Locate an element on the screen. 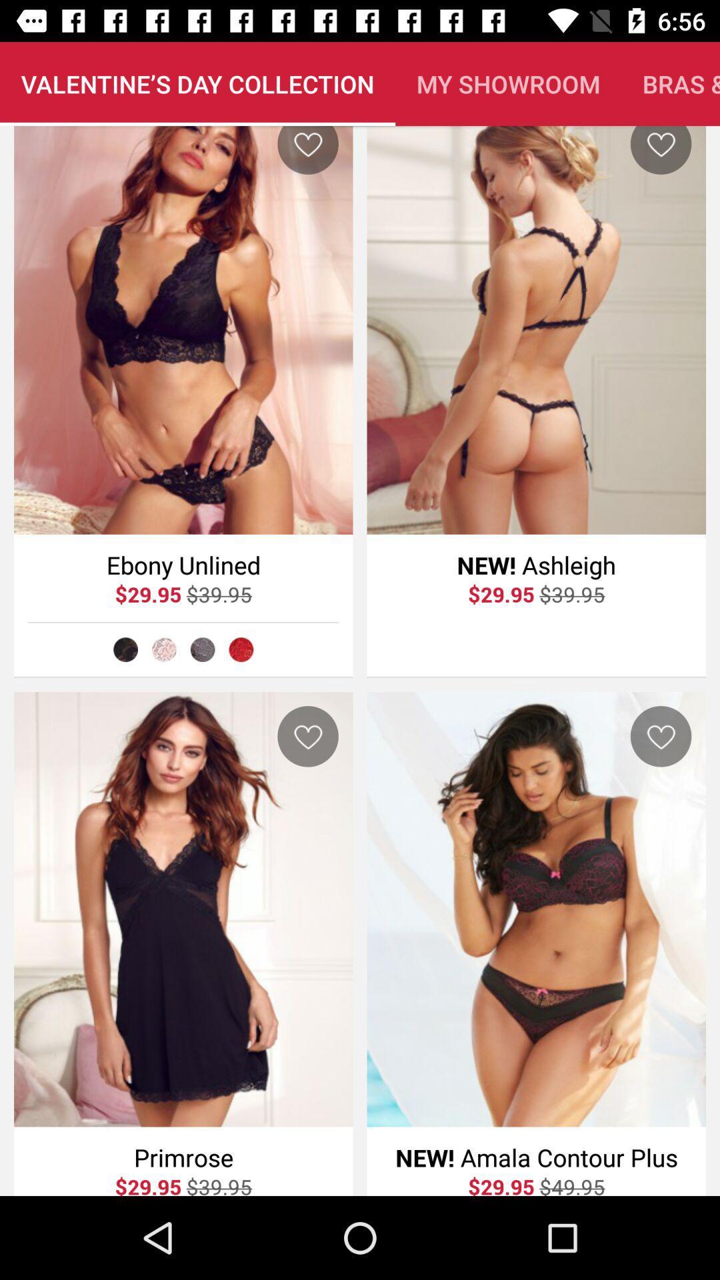 Image resolution: width=720 pixels, height=1280 pixels. change color options is located at coordinates (203, 649).